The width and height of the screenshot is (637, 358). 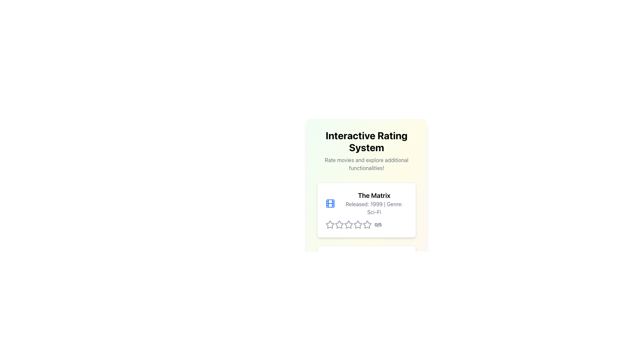 I want to click on the small rectangle with rounded corners that is part of the film frame icon, located to the left of the text 'The Matrix', so click(x=330, y=203).